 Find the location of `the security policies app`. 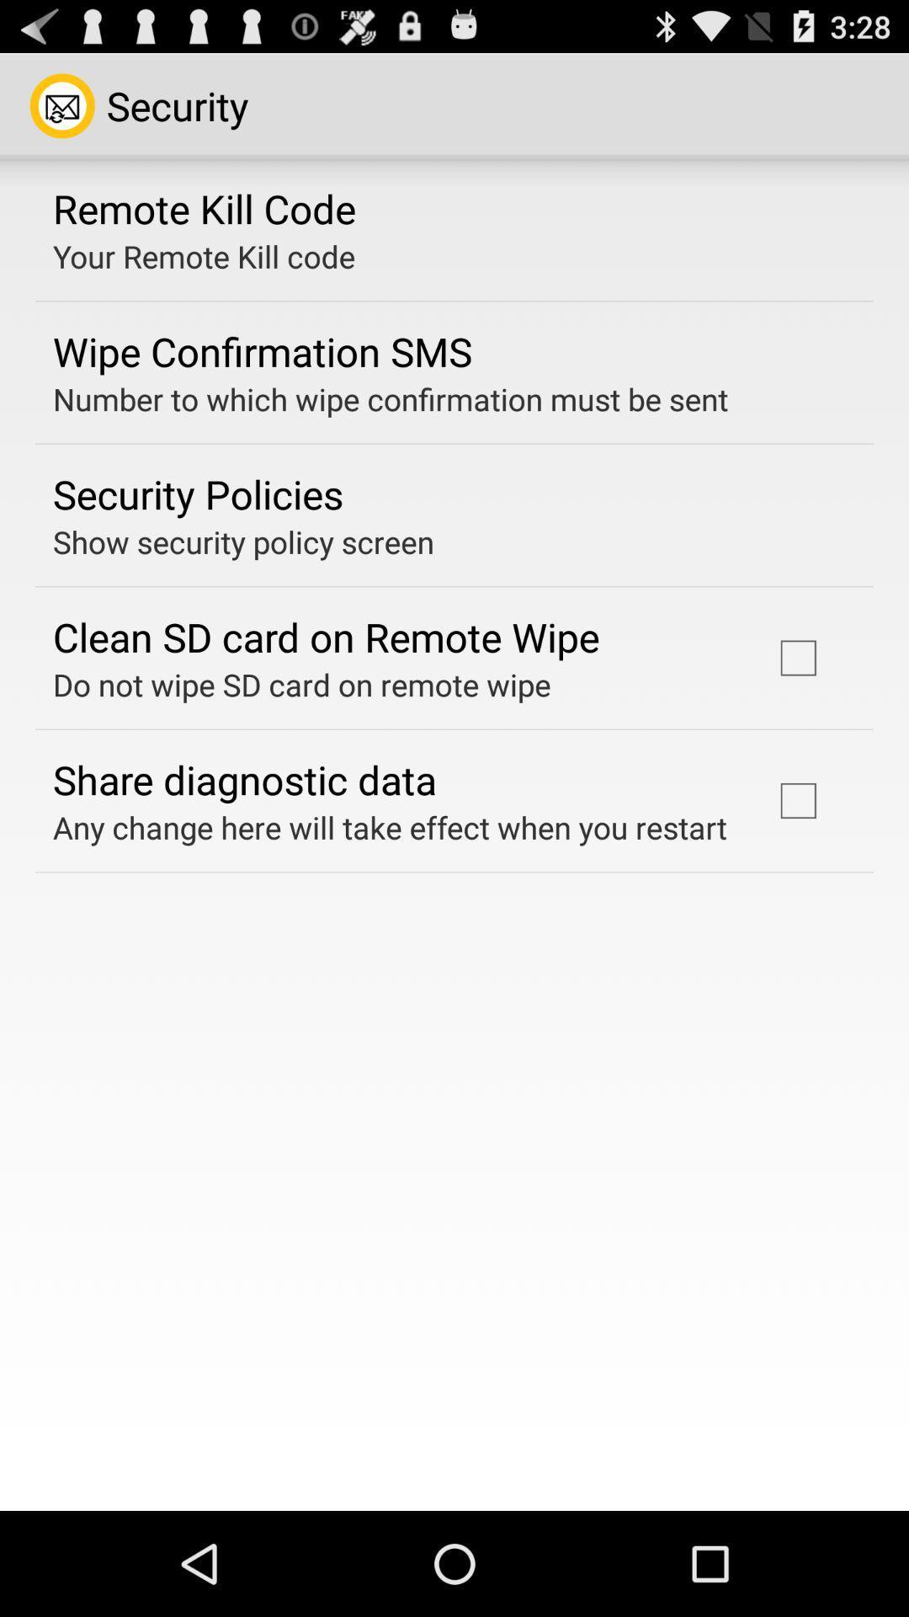

the security policies app is located at coordinates (197, 493).